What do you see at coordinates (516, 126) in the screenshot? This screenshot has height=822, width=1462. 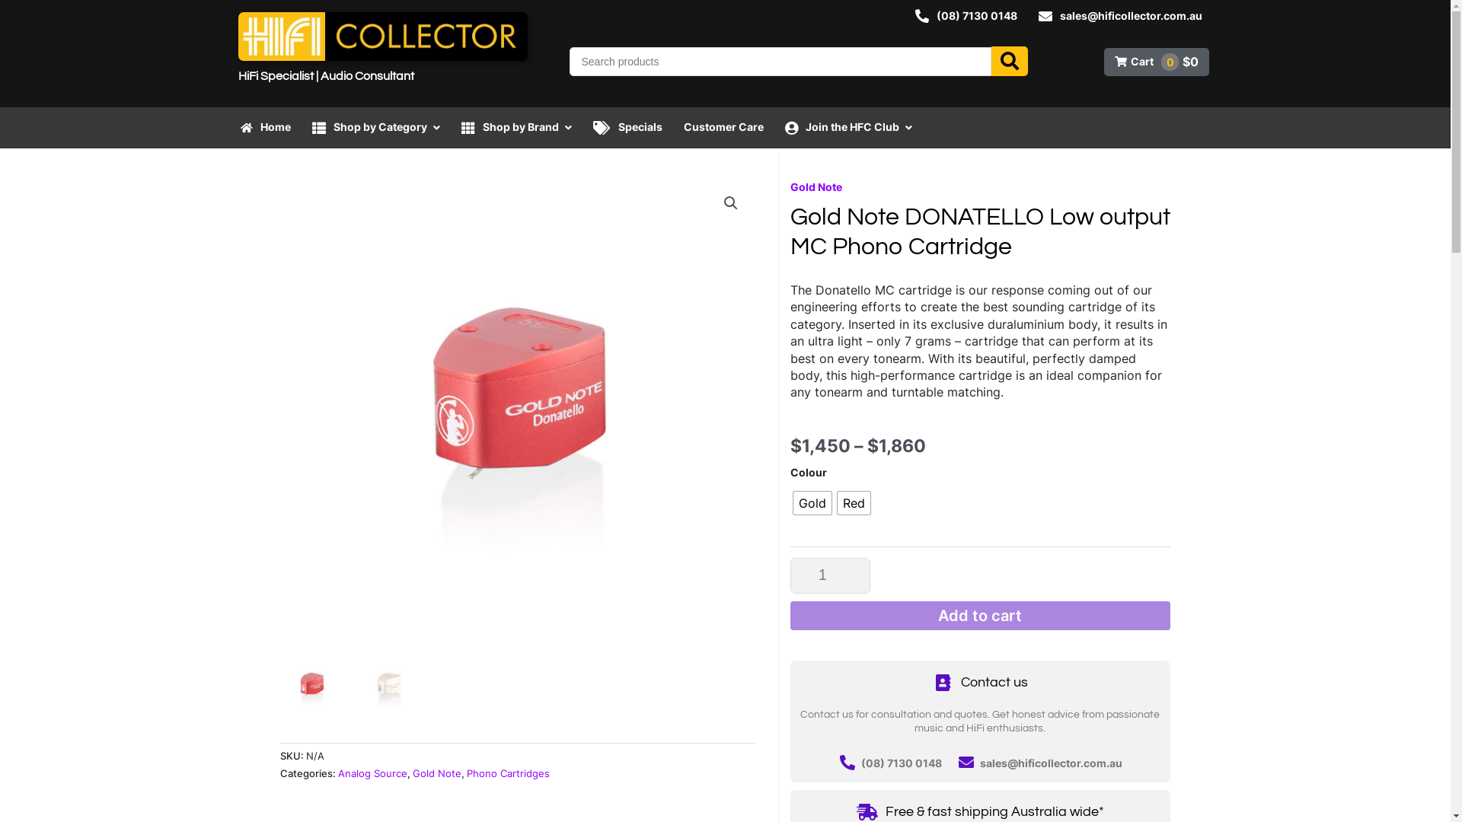 I see `'Shop by Brand'` at bounding box center [516, 126].